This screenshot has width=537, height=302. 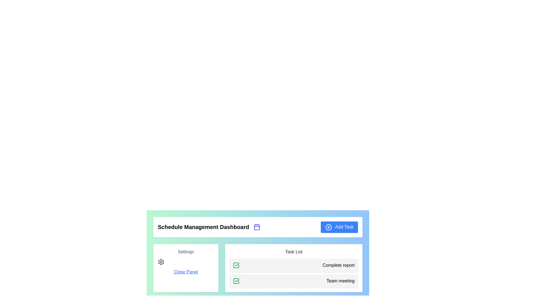 I want to click on the green checkmark icon representing the completed 'Team meeting' task in the task list interface, so click(x=237, y=264).